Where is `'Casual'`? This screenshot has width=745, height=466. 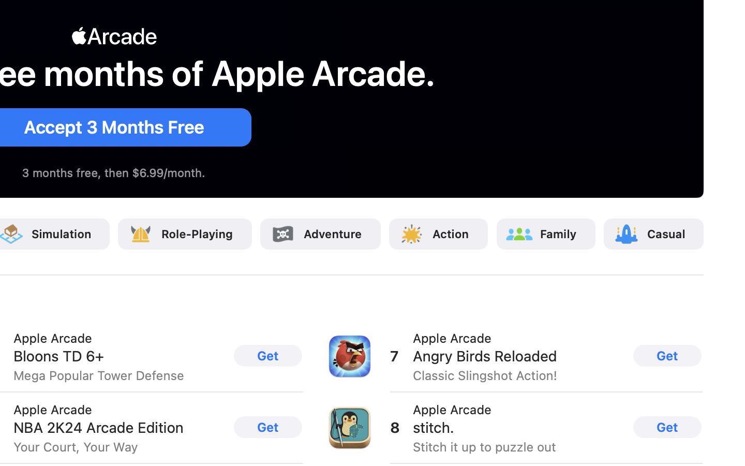 'Casual' is located at coordinates (666, 233).